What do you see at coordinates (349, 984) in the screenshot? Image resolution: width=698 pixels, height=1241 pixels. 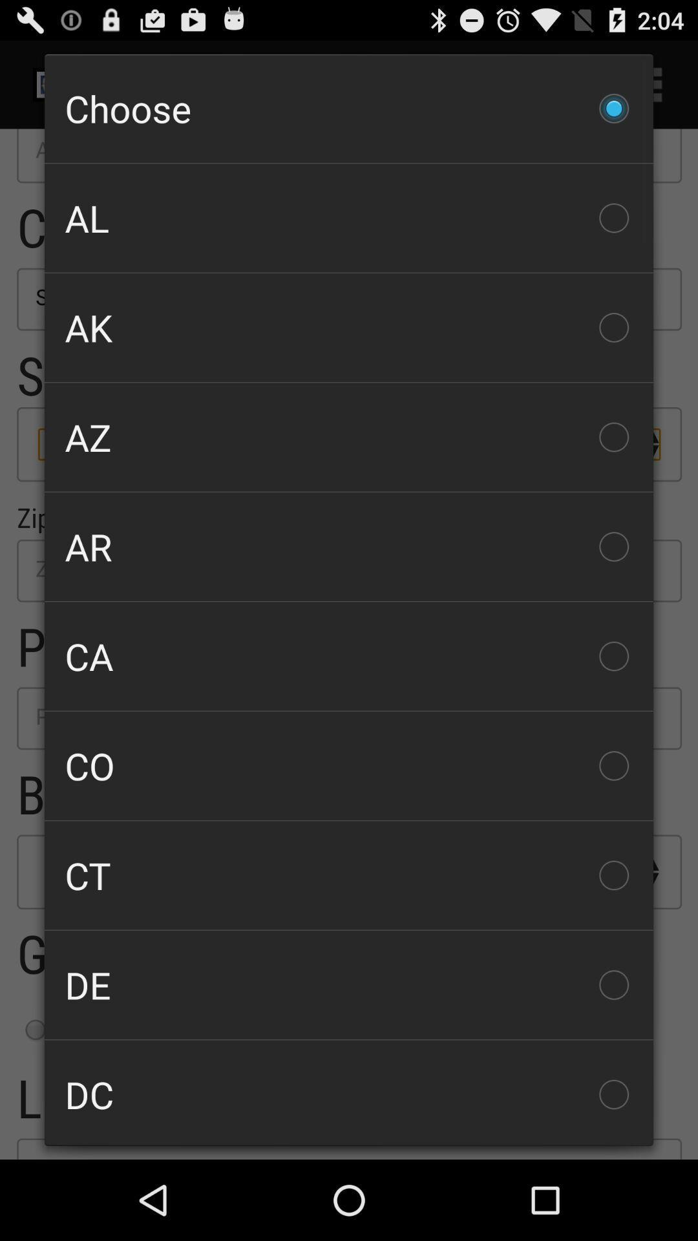 I see `the icon above the dc icon` at bounding box center [349, 984].